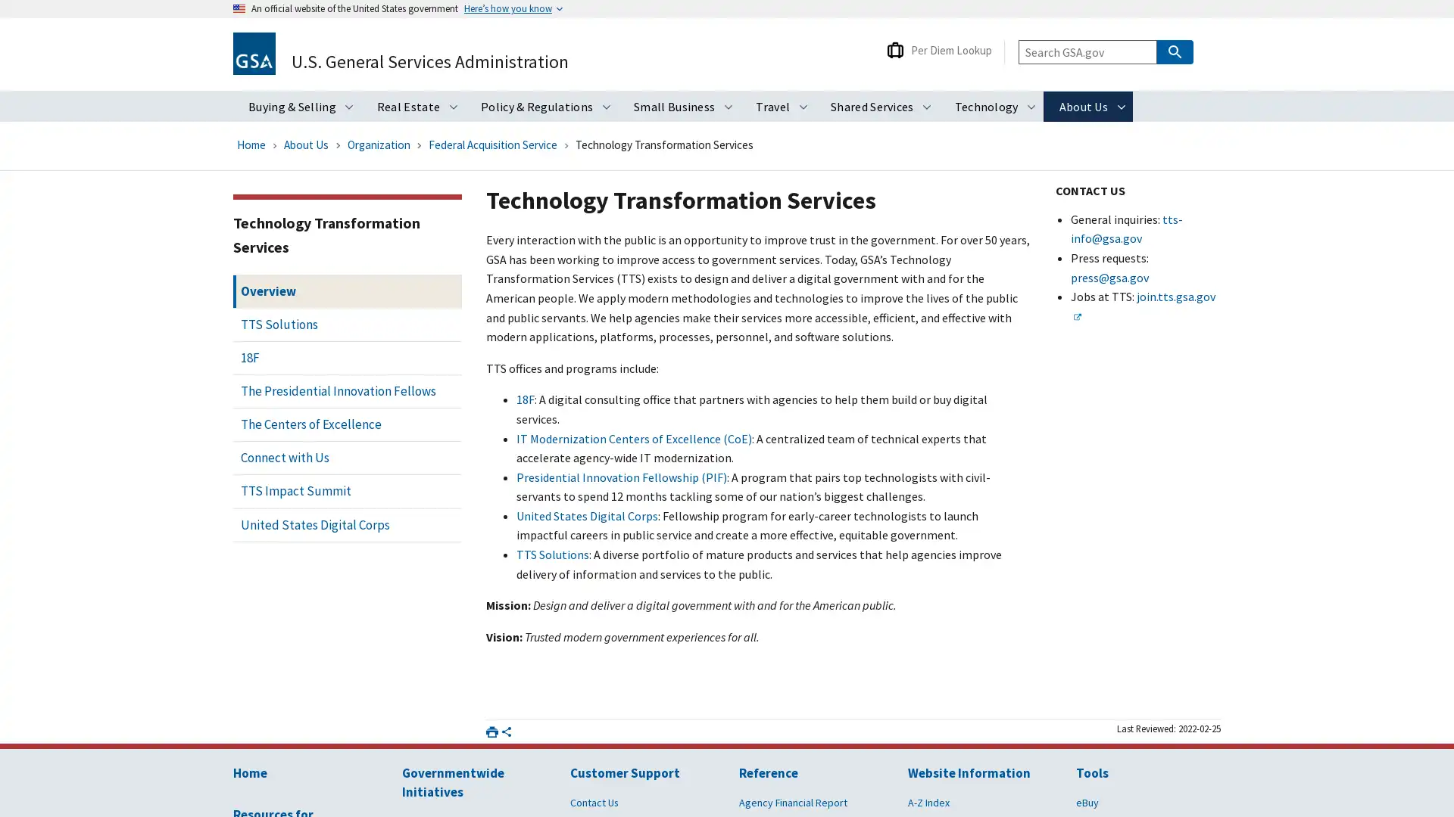  Describe the element at coordinates (508, 8) in the screenshot. I see `Heres how you know` at that location.